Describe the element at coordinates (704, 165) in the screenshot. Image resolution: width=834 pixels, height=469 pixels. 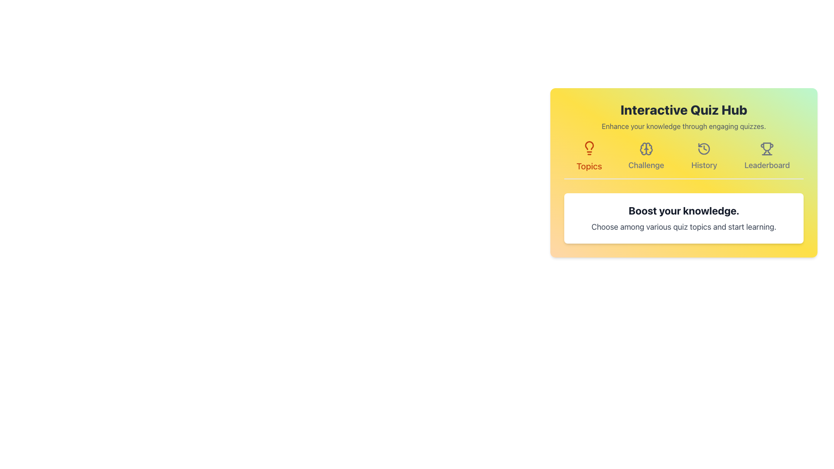
I see `the 'History' text label located in the 'Interactive Quiz Hub' panel, which is the third option from the left, between 'Challenge' and 'Leaderboard'` at that location.